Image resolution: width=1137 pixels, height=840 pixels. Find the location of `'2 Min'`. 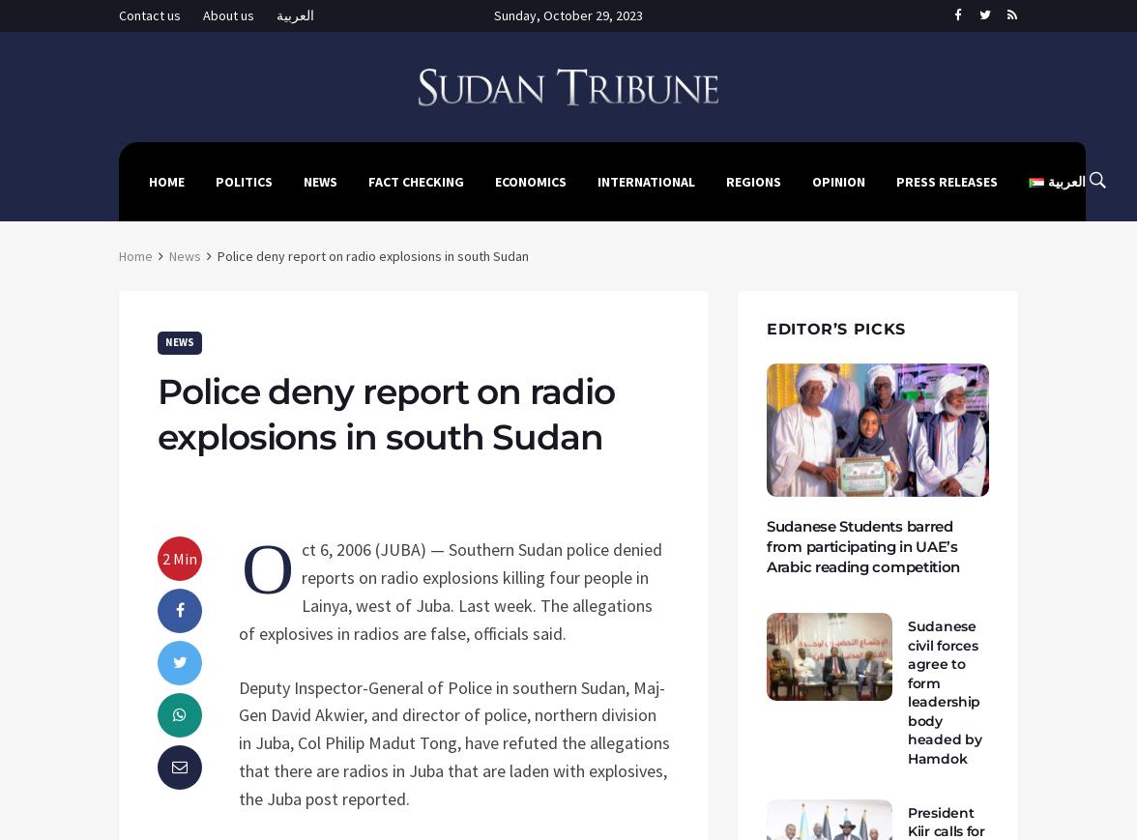

'2 Min' is located at coordinates (180, 558).